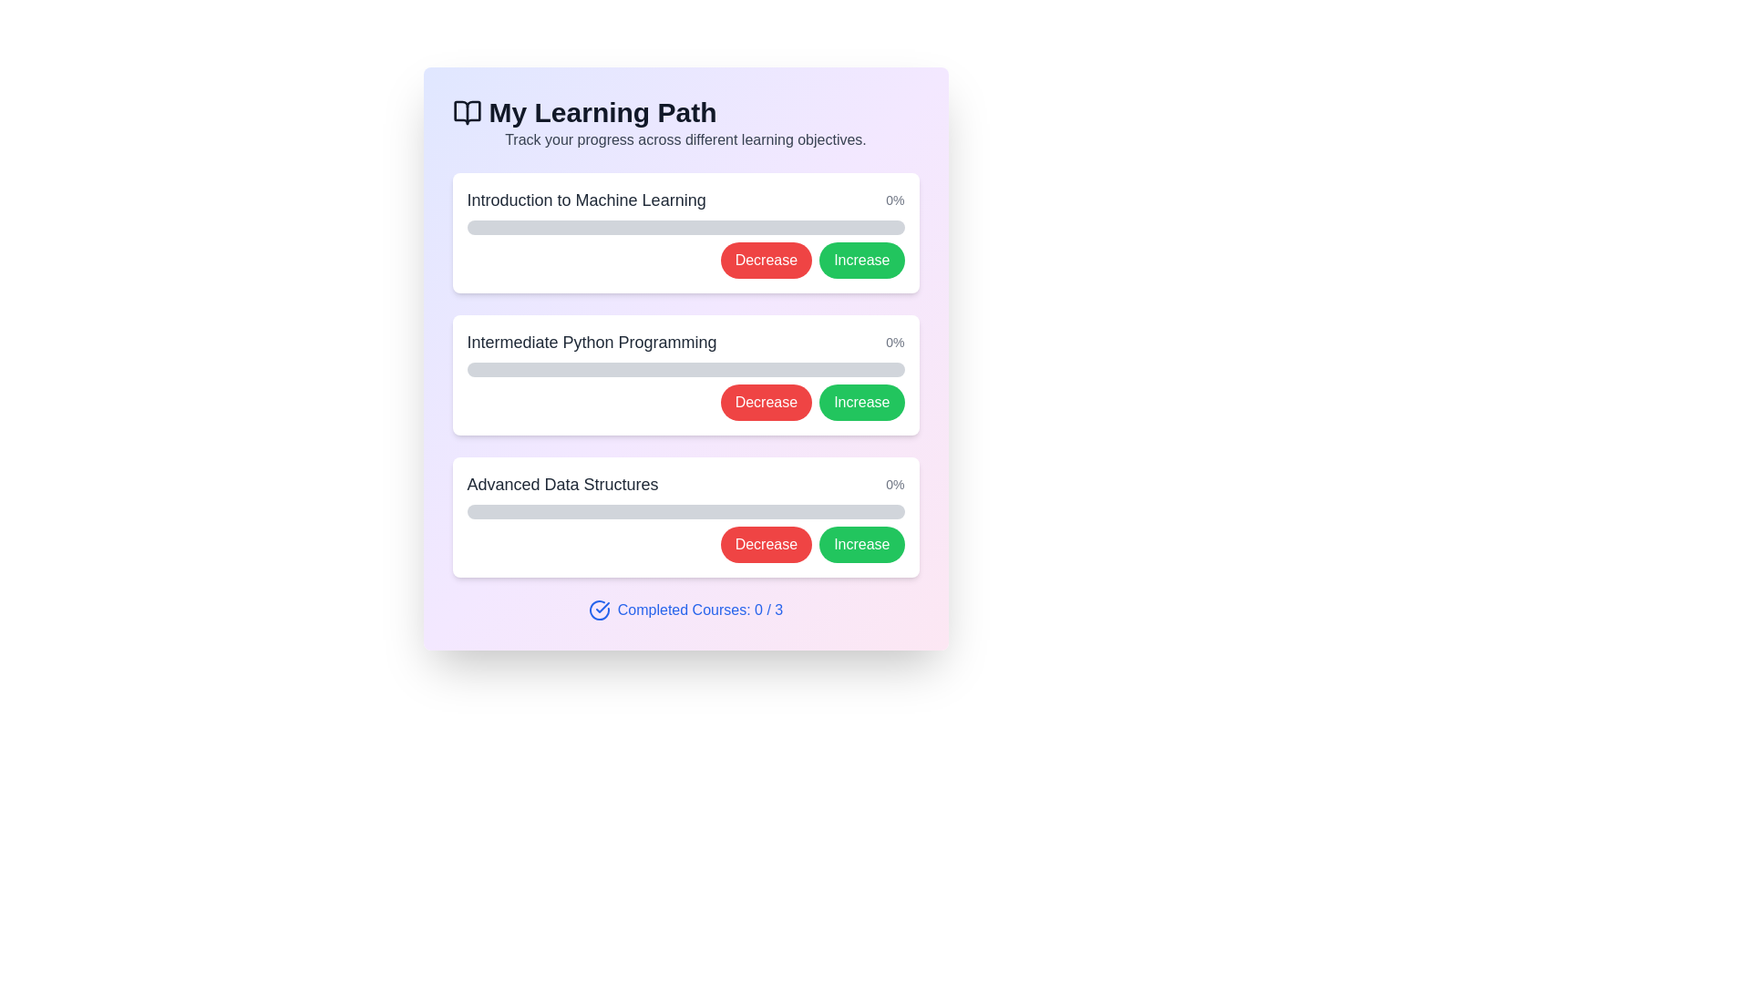 The width and height of the screenshot is (1750, 984). I want to click on the text 'Advanced Data Structures' in the progress control component to obtain more details, so click(685, 517).